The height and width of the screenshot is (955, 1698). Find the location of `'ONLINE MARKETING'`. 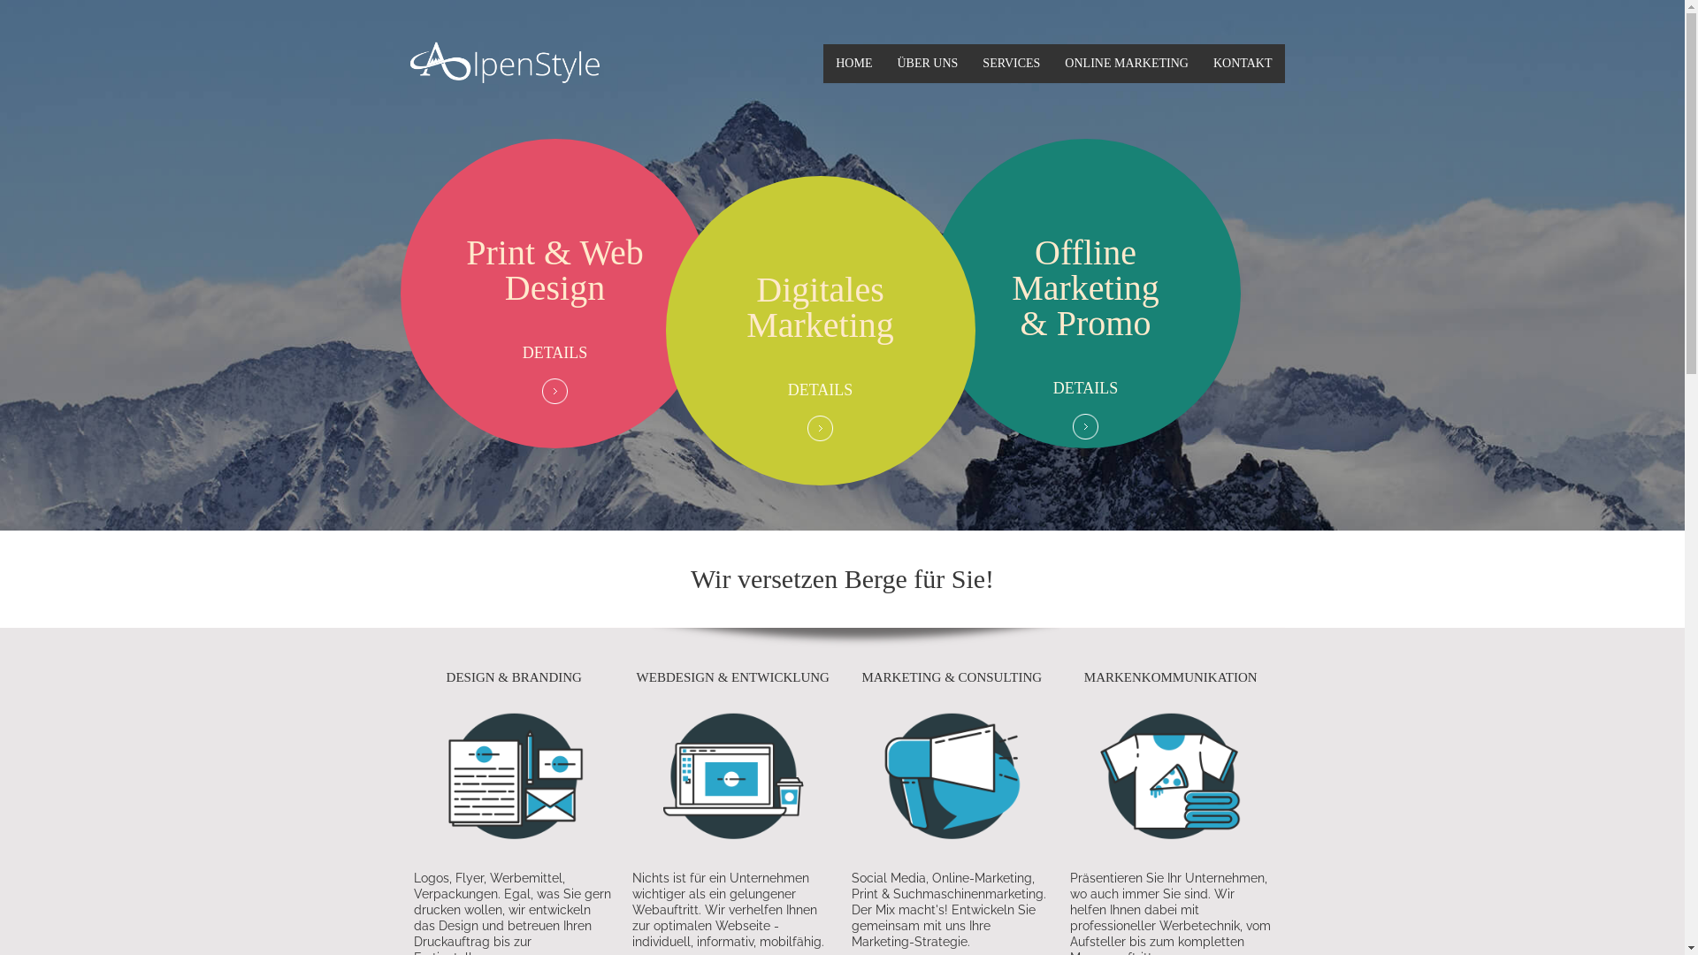

'ONLINE MARKETING' is located at coordinates (1125, 63).